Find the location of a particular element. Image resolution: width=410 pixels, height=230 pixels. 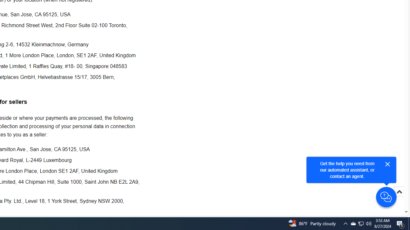

'Scroll to top' is located at coordinates (399, 191).